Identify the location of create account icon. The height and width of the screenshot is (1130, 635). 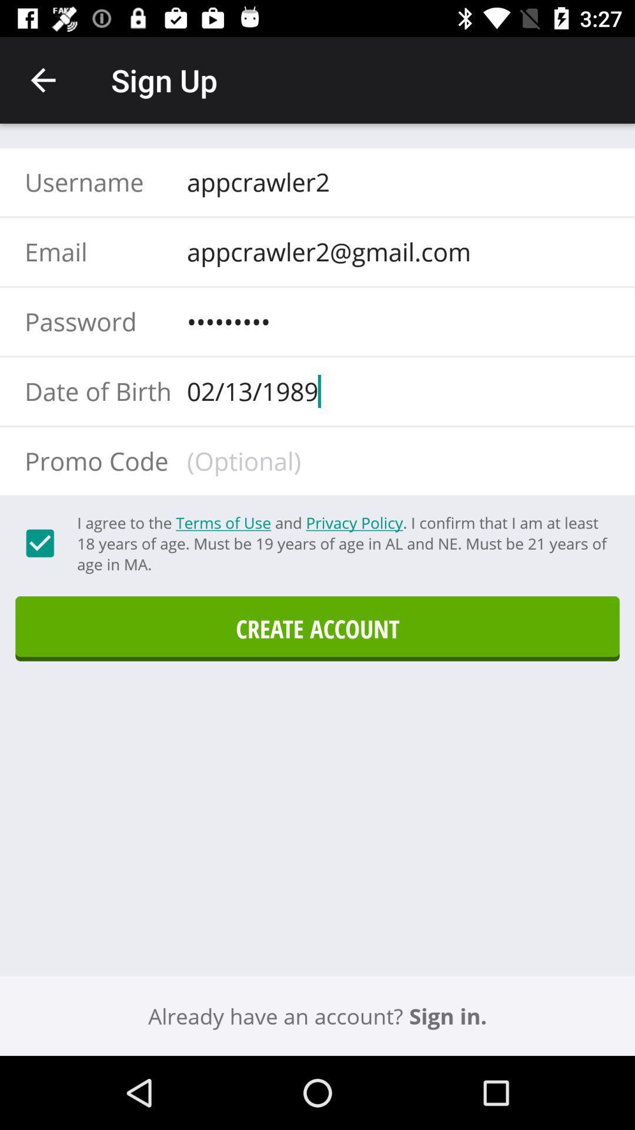
(317, 628).